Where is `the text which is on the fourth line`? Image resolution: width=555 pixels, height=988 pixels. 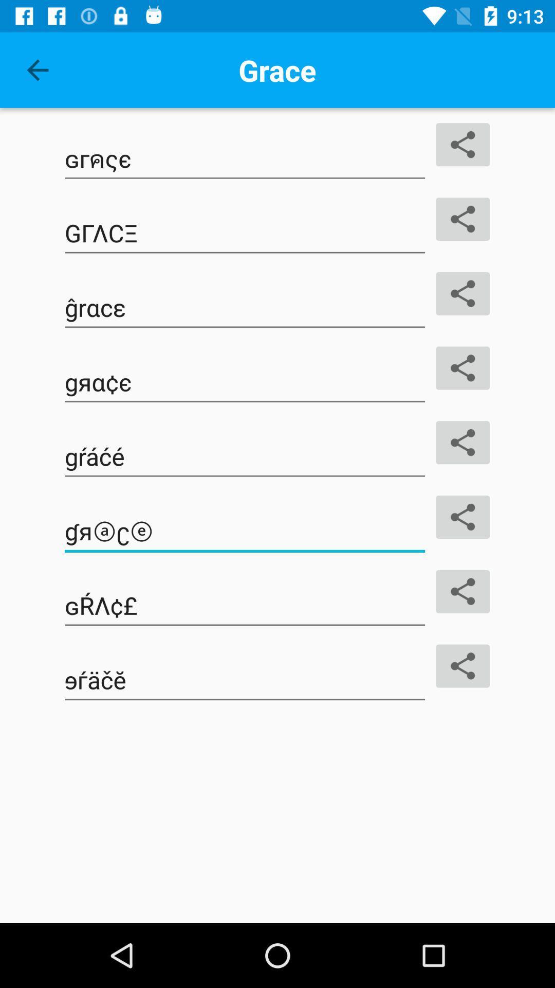 the text which is on the fourth line is located at coordinates (245, 382).